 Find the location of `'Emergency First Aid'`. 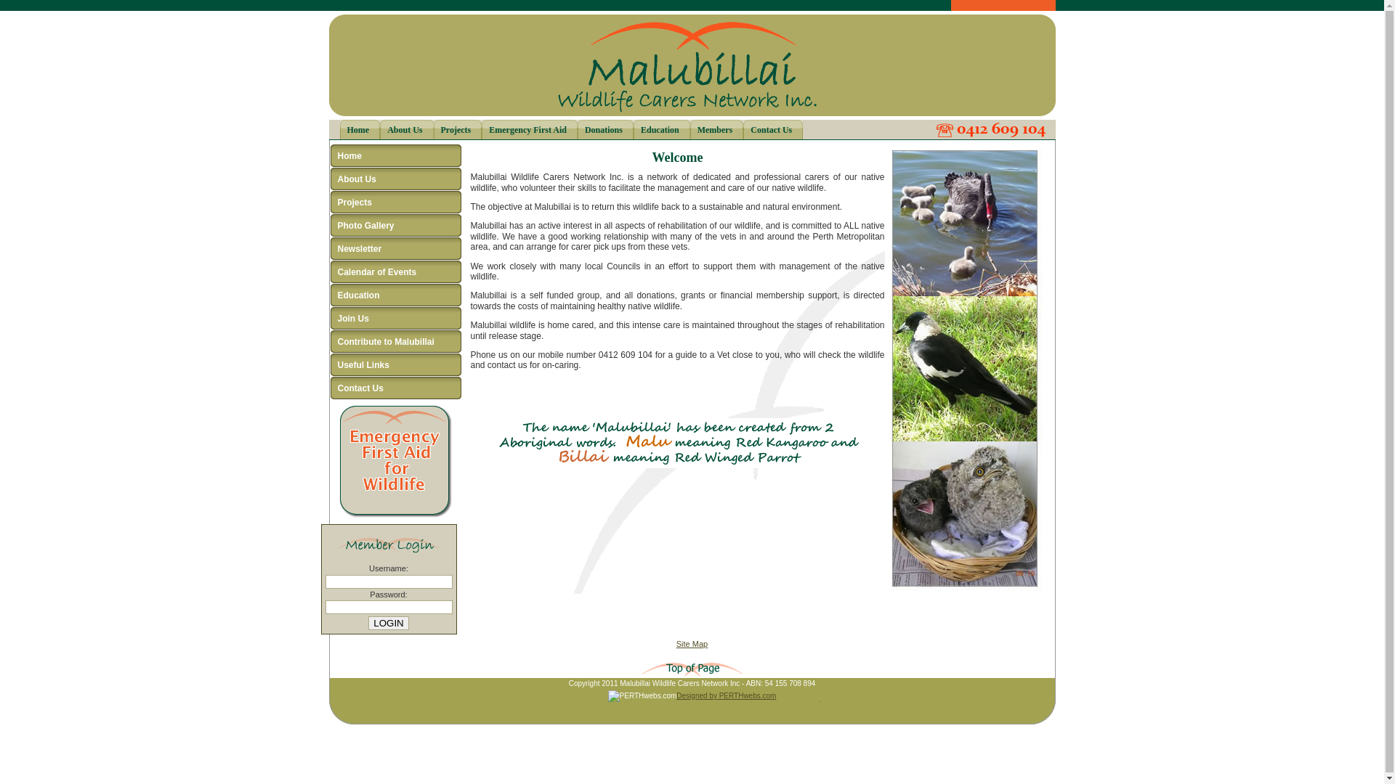

'Emergency First Aid' is located at coordinates (481, 128).